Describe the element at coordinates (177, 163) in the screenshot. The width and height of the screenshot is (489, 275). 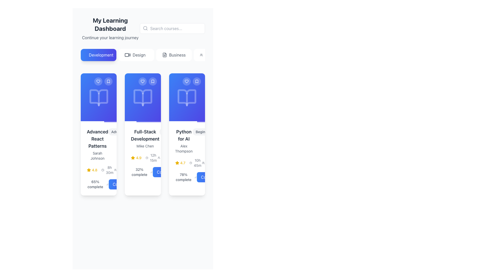
I see `the rating icon representing the quality or popularity of the item 'Python for AI', located in the middle of the third card under the 'Development' section` at that location.